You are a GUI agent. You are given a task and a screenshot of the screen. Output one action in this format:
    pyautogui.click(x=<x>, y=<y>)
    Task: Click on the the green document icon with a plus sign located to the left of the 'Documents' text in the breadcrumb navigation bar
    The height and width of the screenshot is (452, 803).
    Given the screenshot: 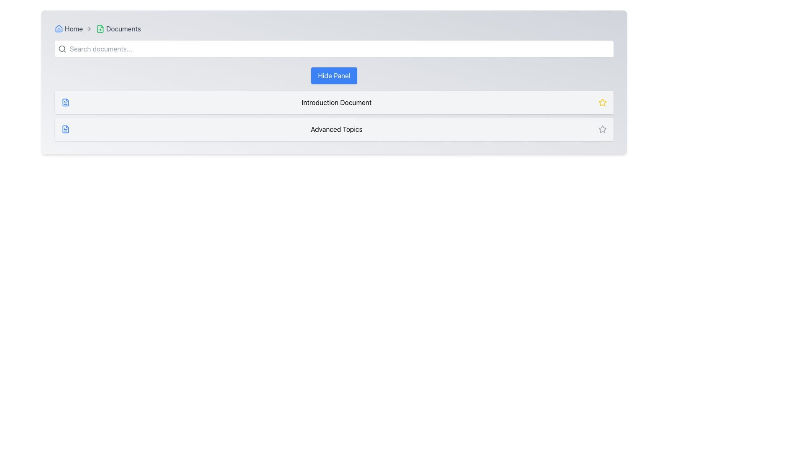 What is the action you would take?
    pyautogui.click(x=100, y=28)
    